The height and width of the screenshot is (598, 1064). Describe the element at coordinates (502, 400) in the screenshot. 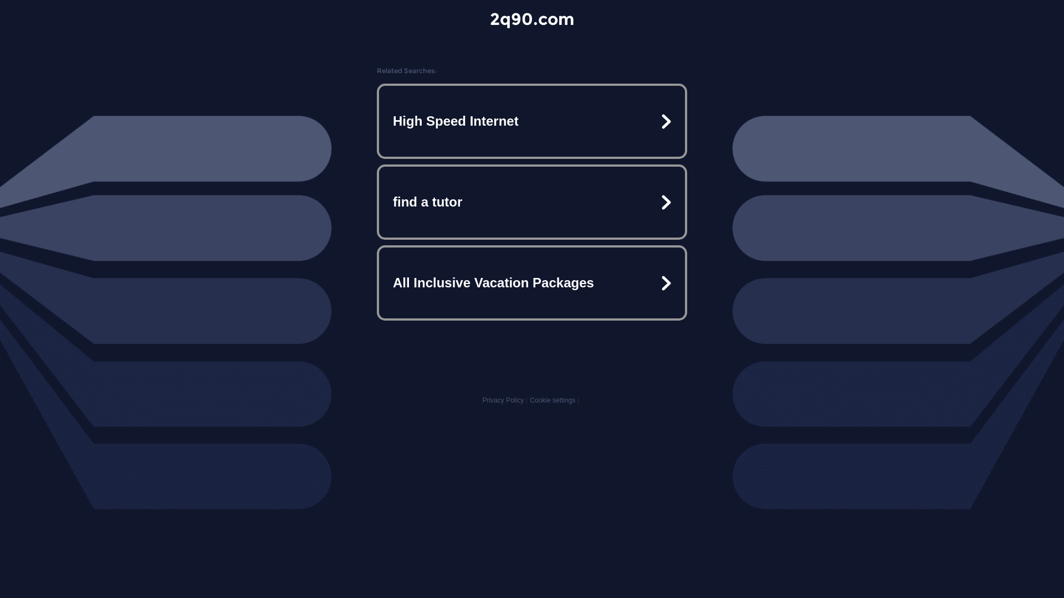

I see `'Privacy Policy'` at that location.